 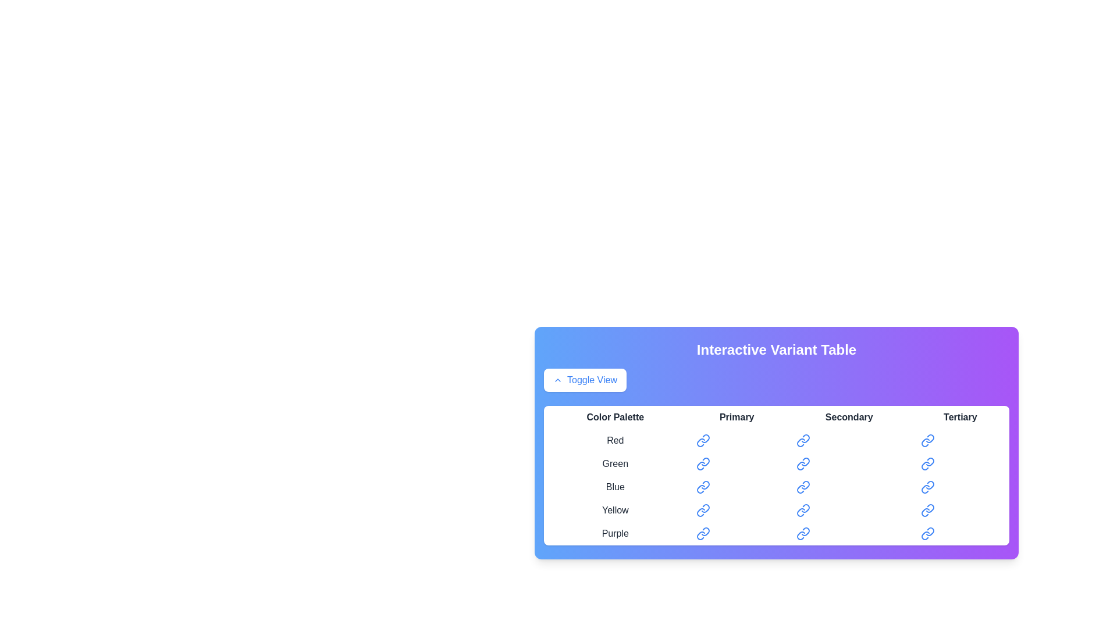 I want to click on the hyperlink labeled 'Tertiary - Blue' located in the bottom-right section of the table, so click(x=960, y=487).